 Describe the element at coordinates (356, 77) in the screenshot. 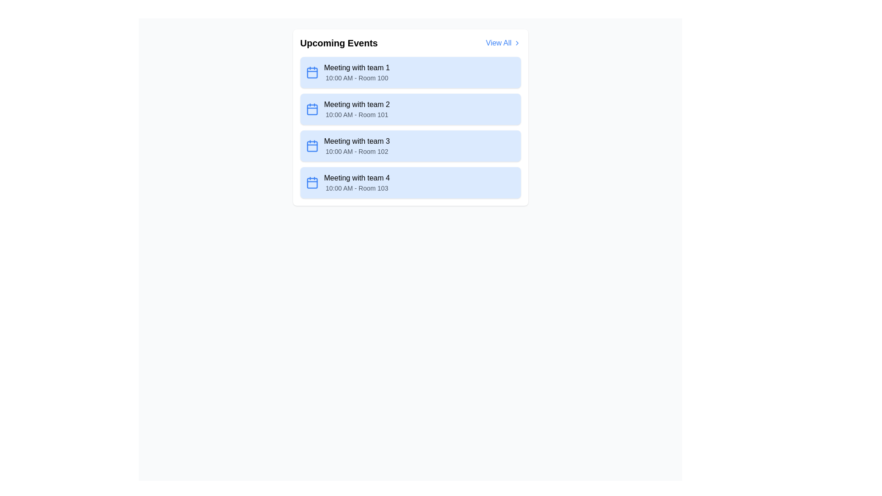

I see `text label providing additional information about the timing and location of the event, located below the title 'Meeting with team 1' in the first event card of a vertical list` at that location.